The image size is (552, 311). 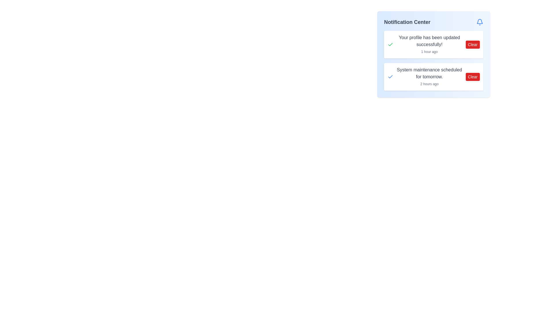 What do you see at coordinates (429, 41) in the screenshot?
I see `text label that states, 'Your profile has been updated successfully!' located in the upper notification card of the Notification Center` at bounding box center [429, 41].